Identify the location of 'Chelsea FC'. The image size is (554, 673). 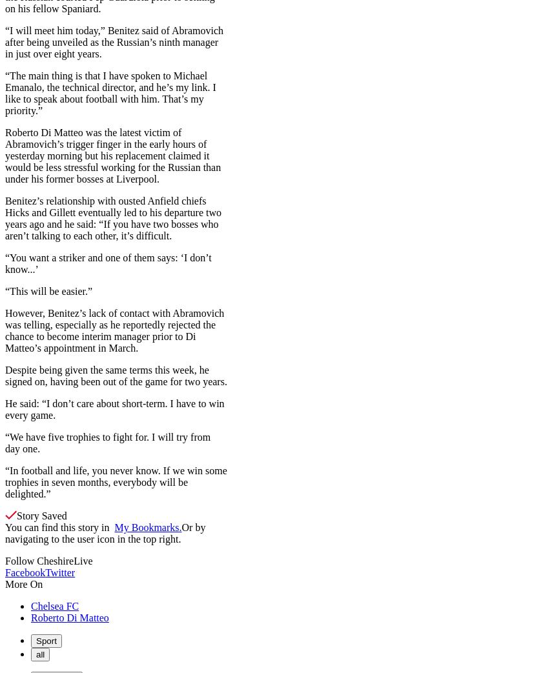
(54, 605).